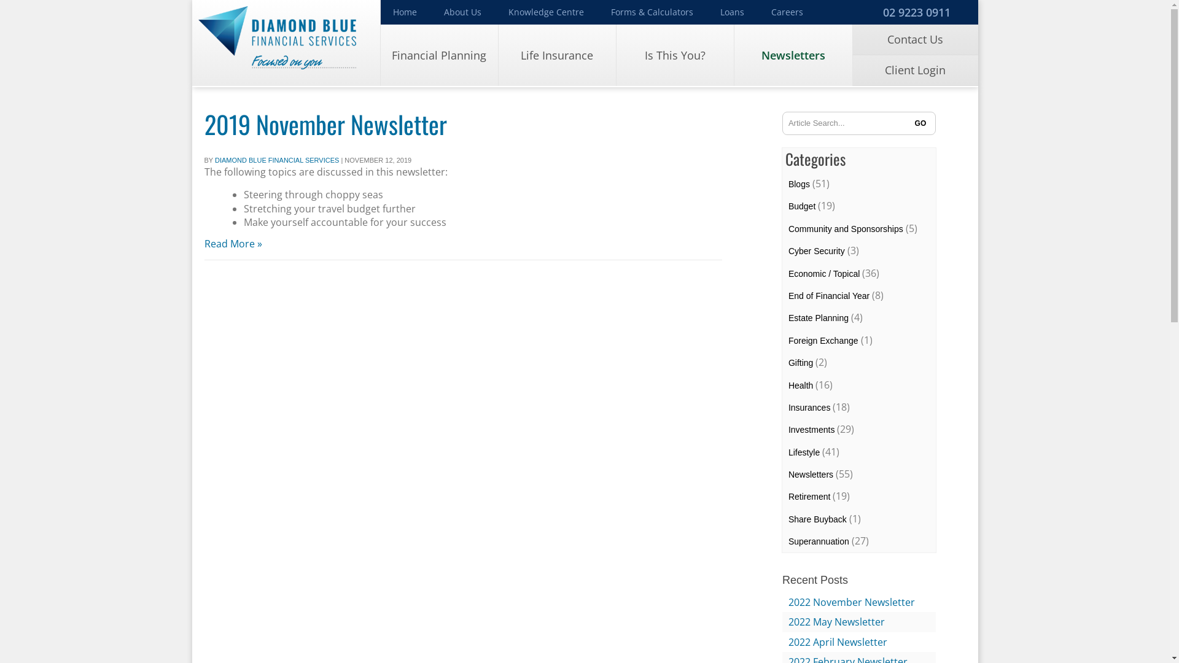  What do you see at coordinates (598, 12) in the screenshot?
I see `'Forms & Calculators'` at bounding box center [598, 12].